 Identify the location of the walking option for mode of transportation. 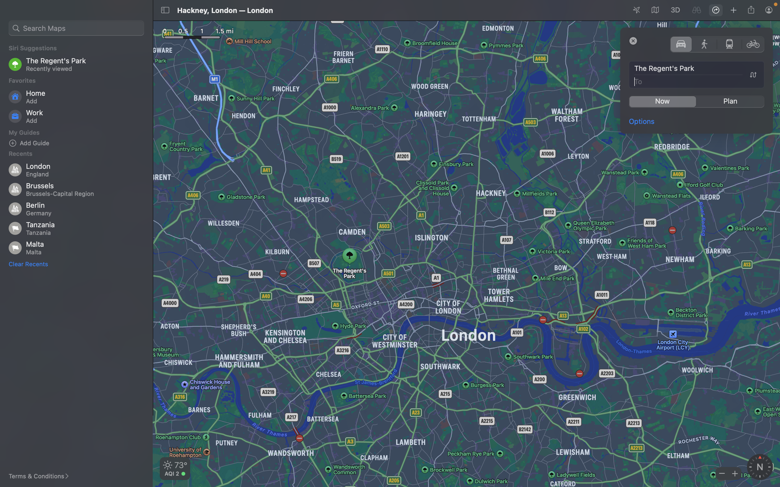
(705, 43).